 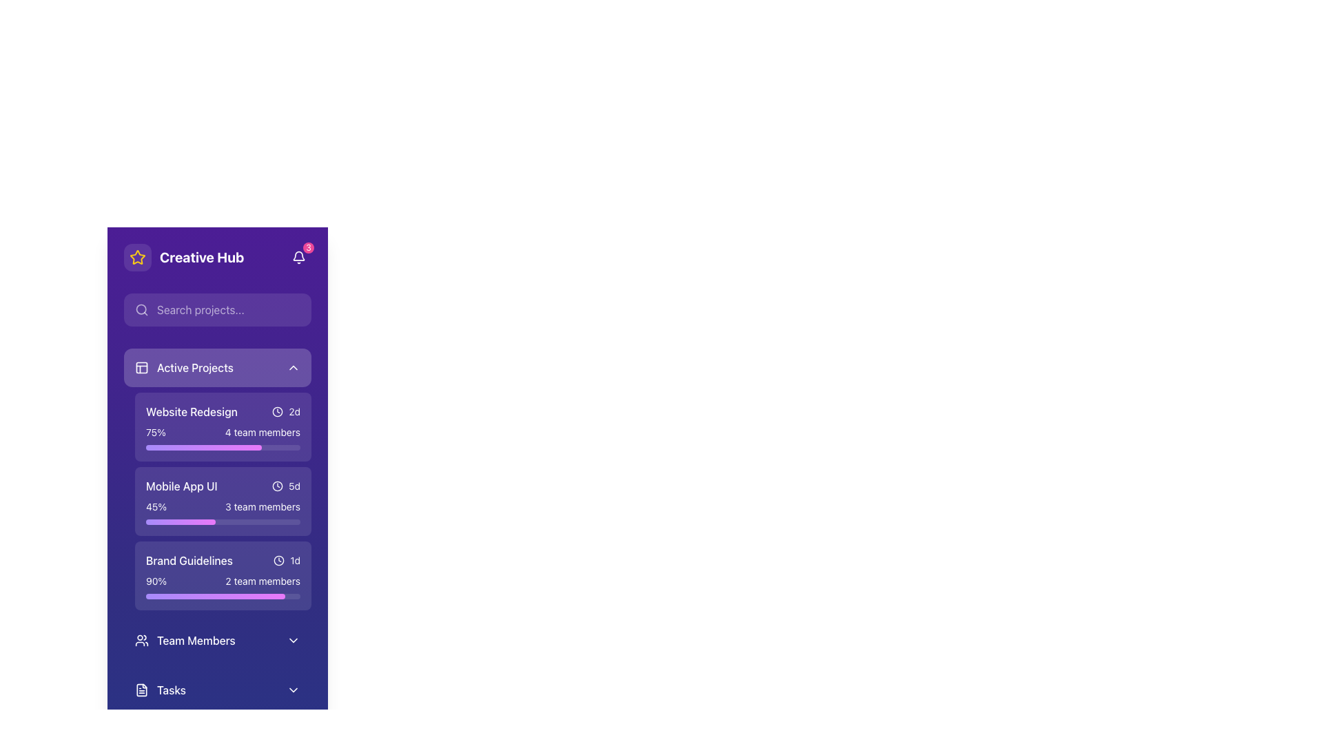 I want to click on the icon representing 'Active Projects' located adjacent to the text 'Active Projects' in the user interface, so click(x=142, y=366).